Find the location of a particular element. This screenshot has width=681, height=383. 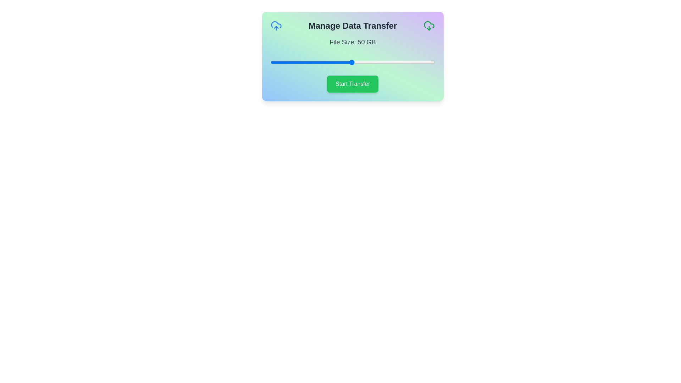

the slider to set the file size to 93 GB is located at coordinates (423, 62).